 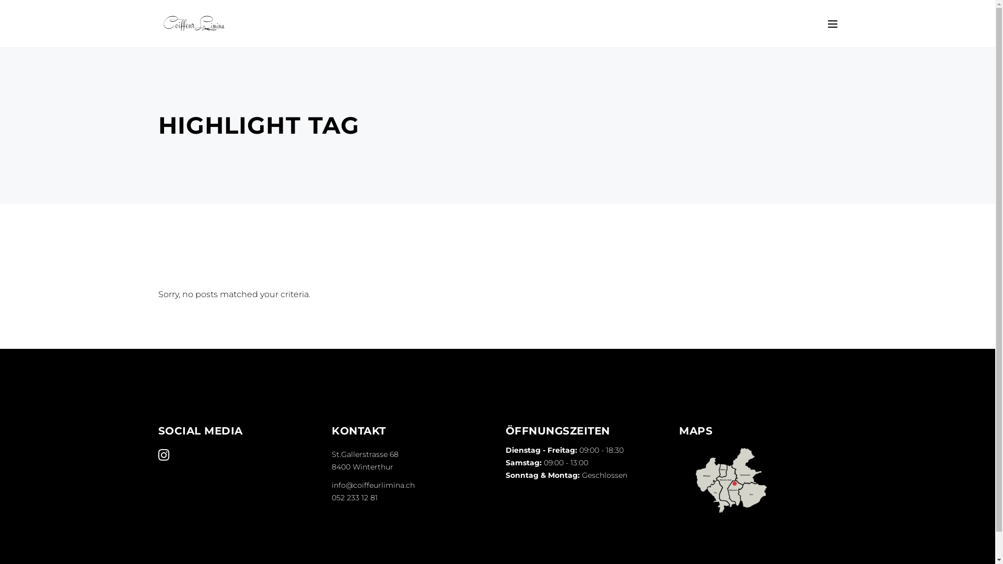 What do you see at coordinates (731, 480) in the screenshot?
I see `'Maps'` at bounding box center [731, 480].